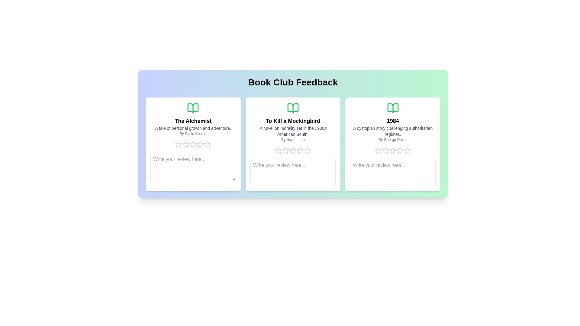 The height and width of the screenshot is (326, 580). I want to click on the star icons in the rating component located below the text 'By George Orwell' and above the review input box for the book '1984', so click(393, 150).